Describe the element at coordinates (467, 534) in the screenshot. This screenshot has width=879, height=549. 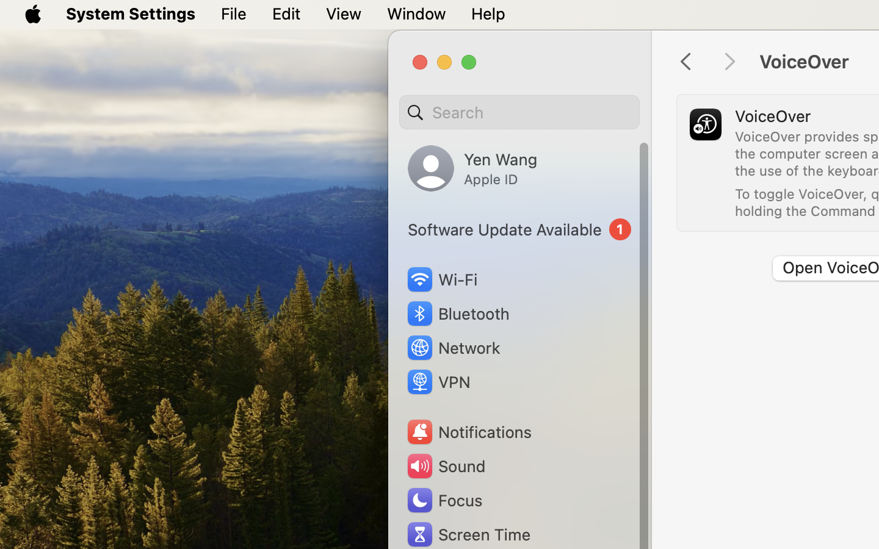
I see `'Screen Time'` at that location.